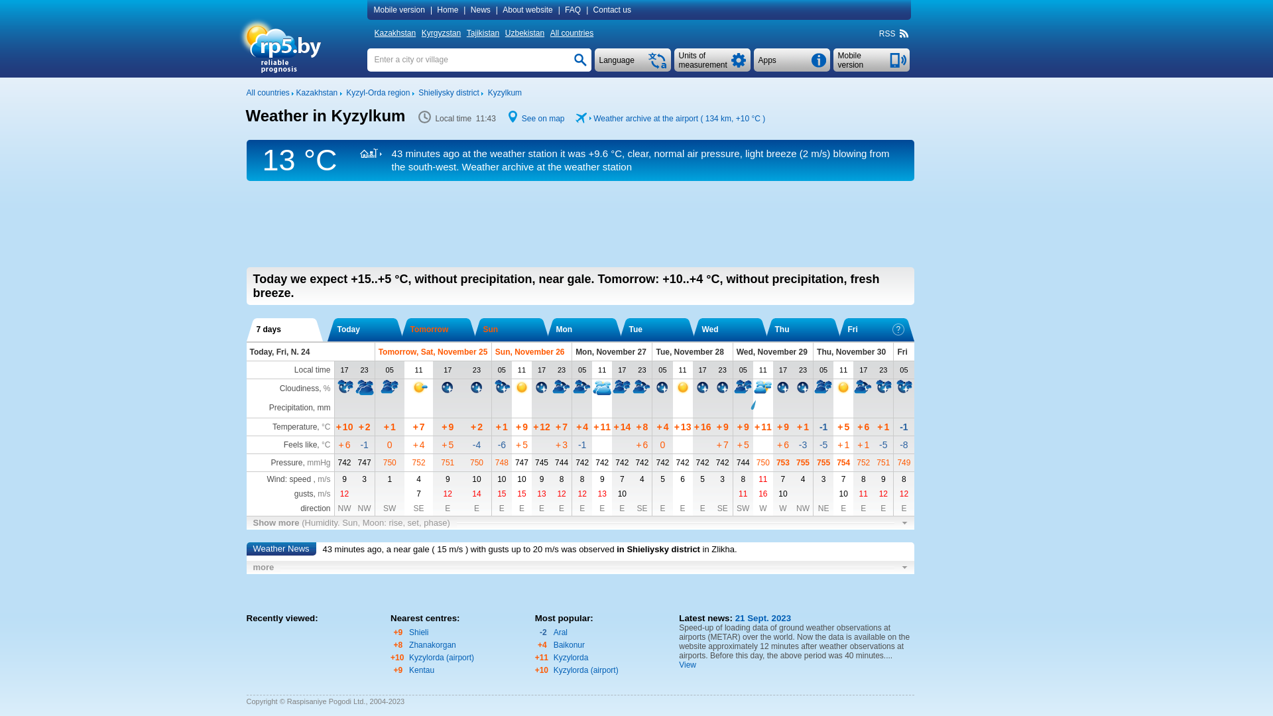  What do you see at coordinates (571, 657) in the screenshot?
I see `'Kyzylorda'` at bounding box center [571, 657].